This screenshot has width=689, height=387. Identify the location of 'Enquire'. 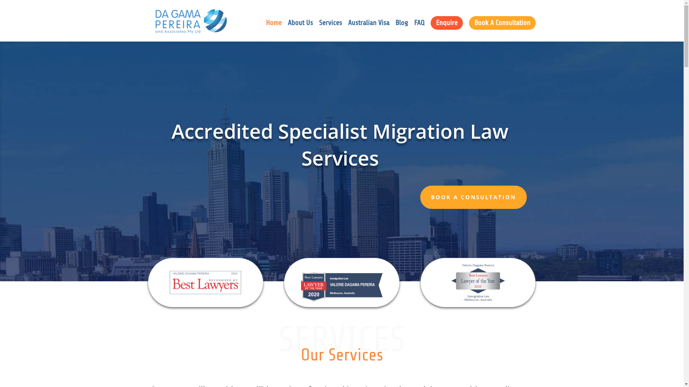
(431, 23).